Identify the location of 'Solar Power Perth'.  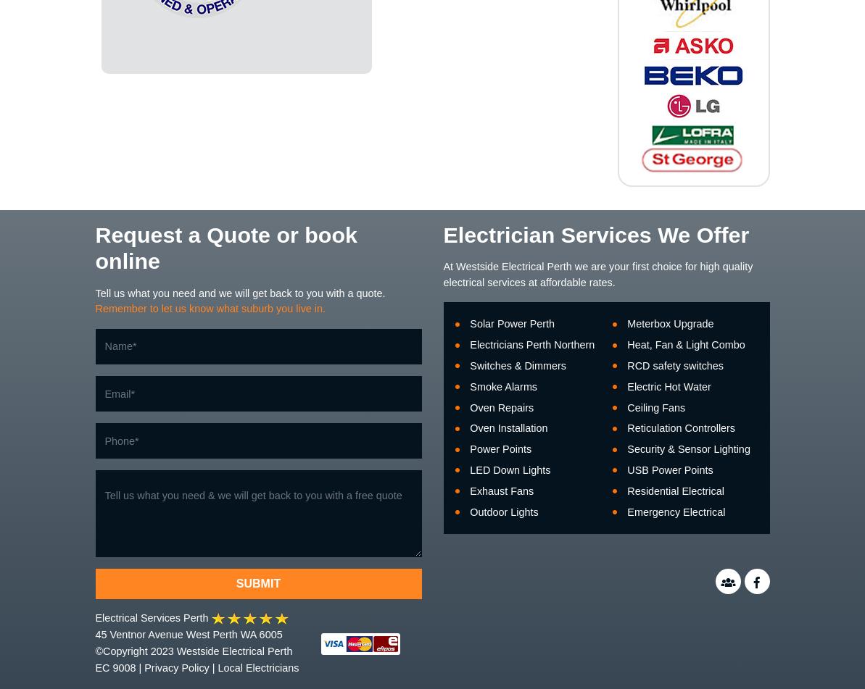
(511, 323).